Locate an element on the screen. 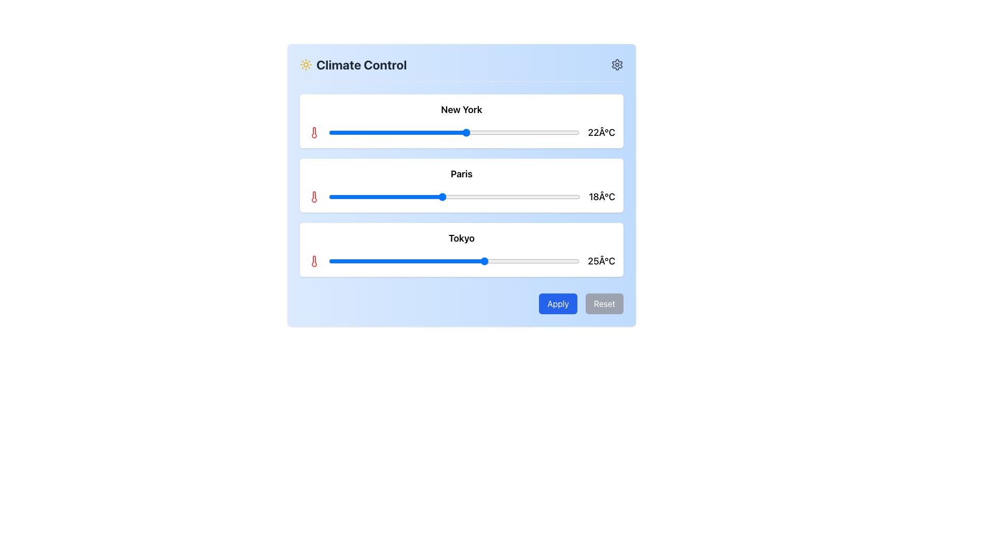 The width and height of the screenshot is (996, 560). the Tokyo temperature is located at coordinates (384, 261).